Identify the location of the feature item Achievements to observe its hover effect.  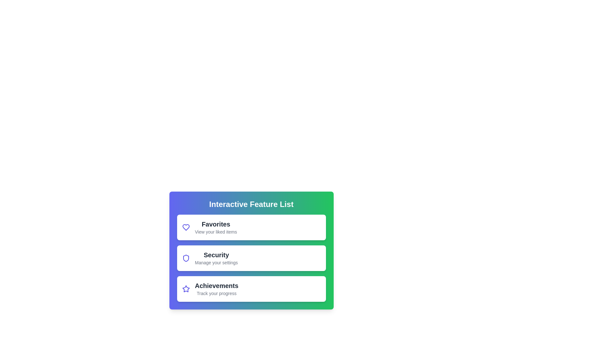
(251, 289).